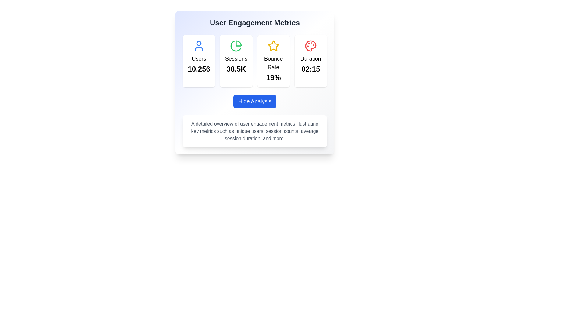 The height and width of the screenshot is (329, 585). What do you see at coordinates (310, 69) in the screenshot?
I see `the Text Display element that shows the duration metric value located in the bottom section of the 'Duration' card under 'User Engagement Metrics'` at bounding box center [310, 69].